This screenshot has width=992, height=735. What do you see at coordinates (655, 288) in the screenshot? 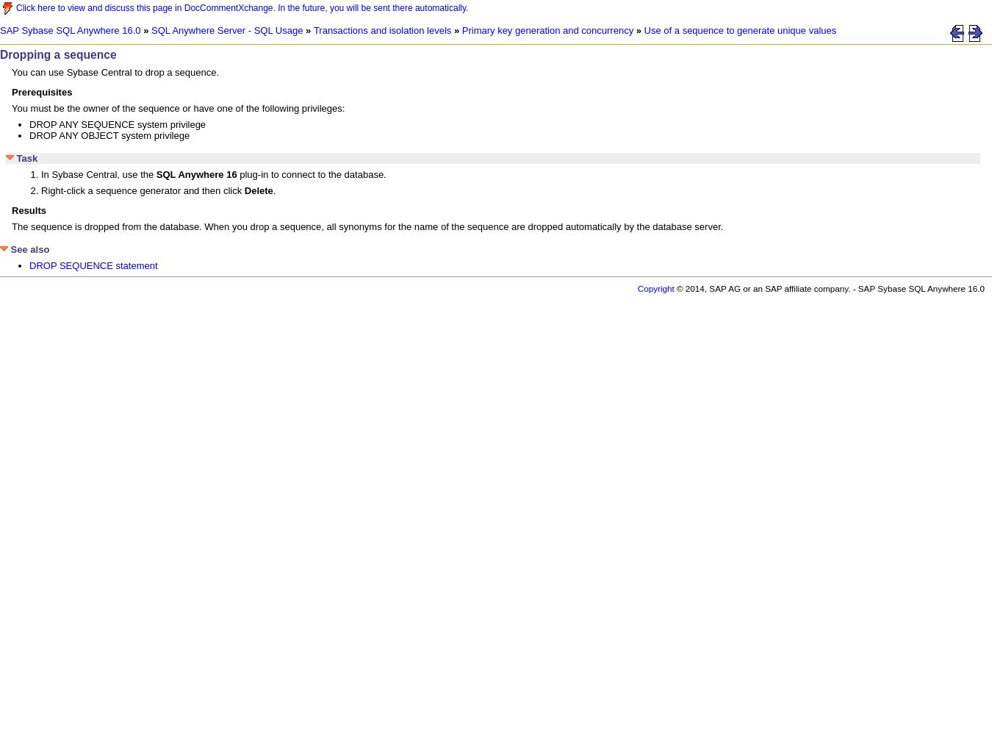
I see `'Copyright'` at bounding box center [655, 288].